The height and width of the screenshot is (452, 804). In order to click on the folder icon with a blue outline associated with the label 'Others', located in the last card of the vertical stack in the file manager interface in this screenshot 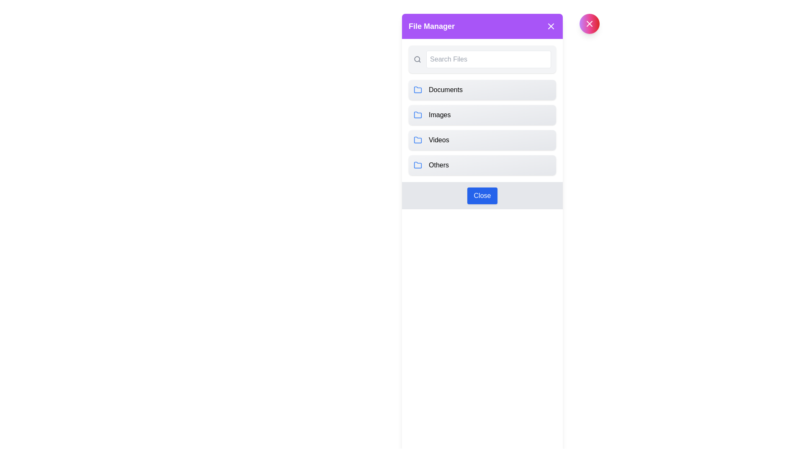, I will do `click(418, 165)`.